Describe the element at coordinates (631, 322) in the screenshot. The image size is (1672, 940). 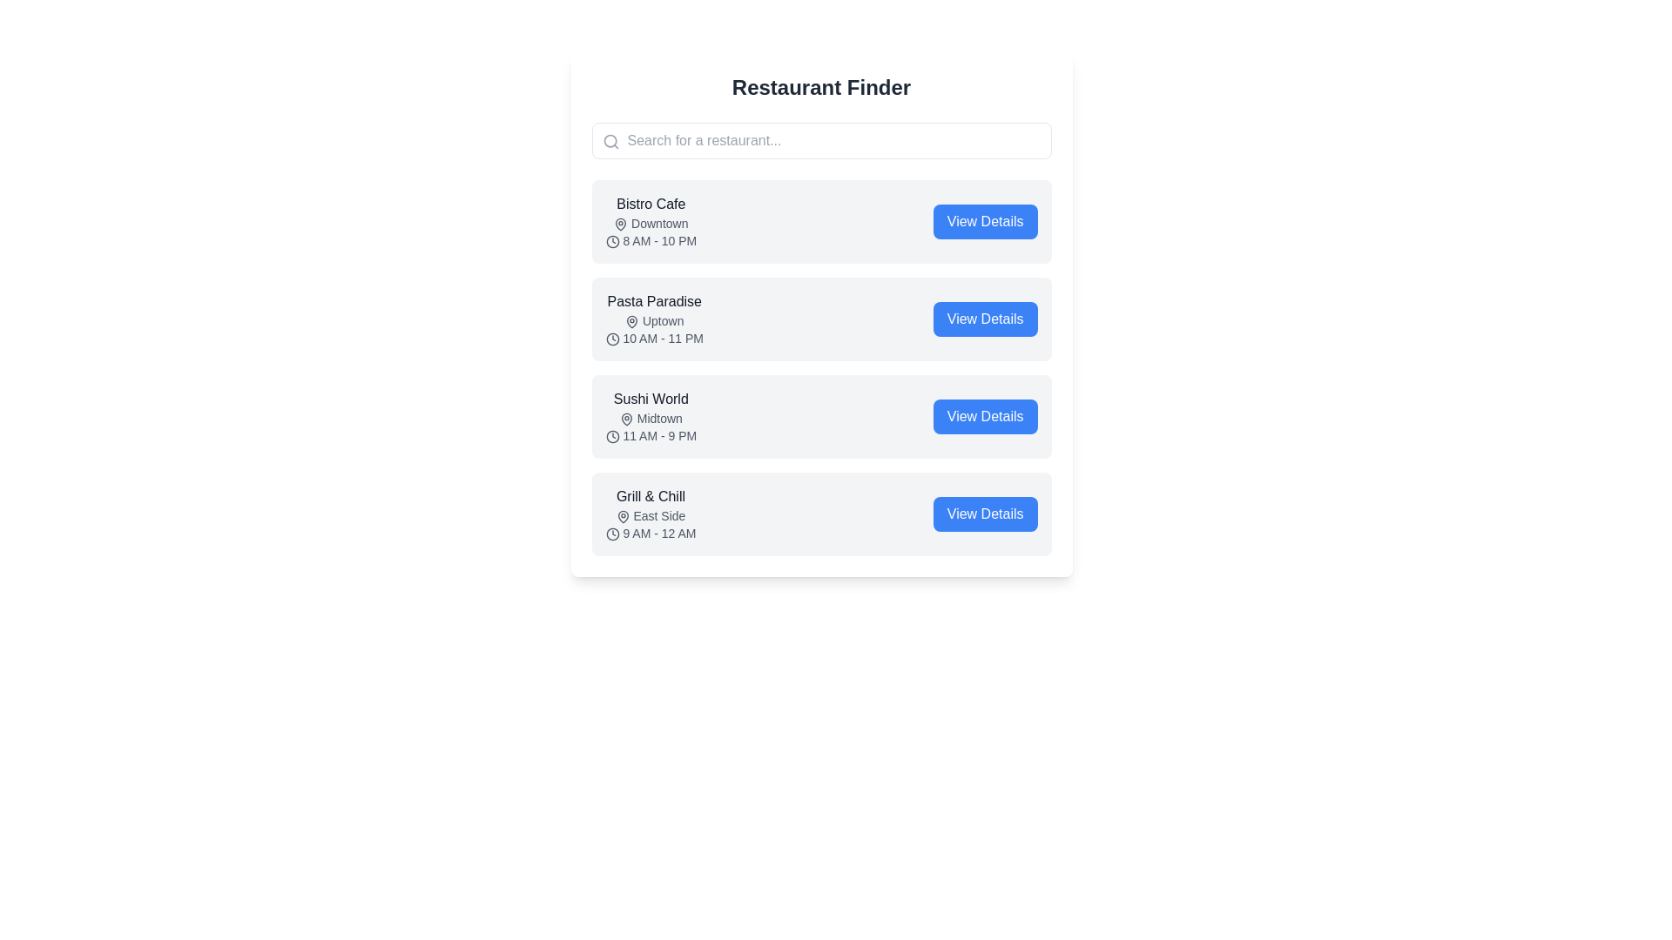
I see `the map pin icon associated with the 'Pasta Paradise' listing, which indicates the location for 'Uptown'` at that location.